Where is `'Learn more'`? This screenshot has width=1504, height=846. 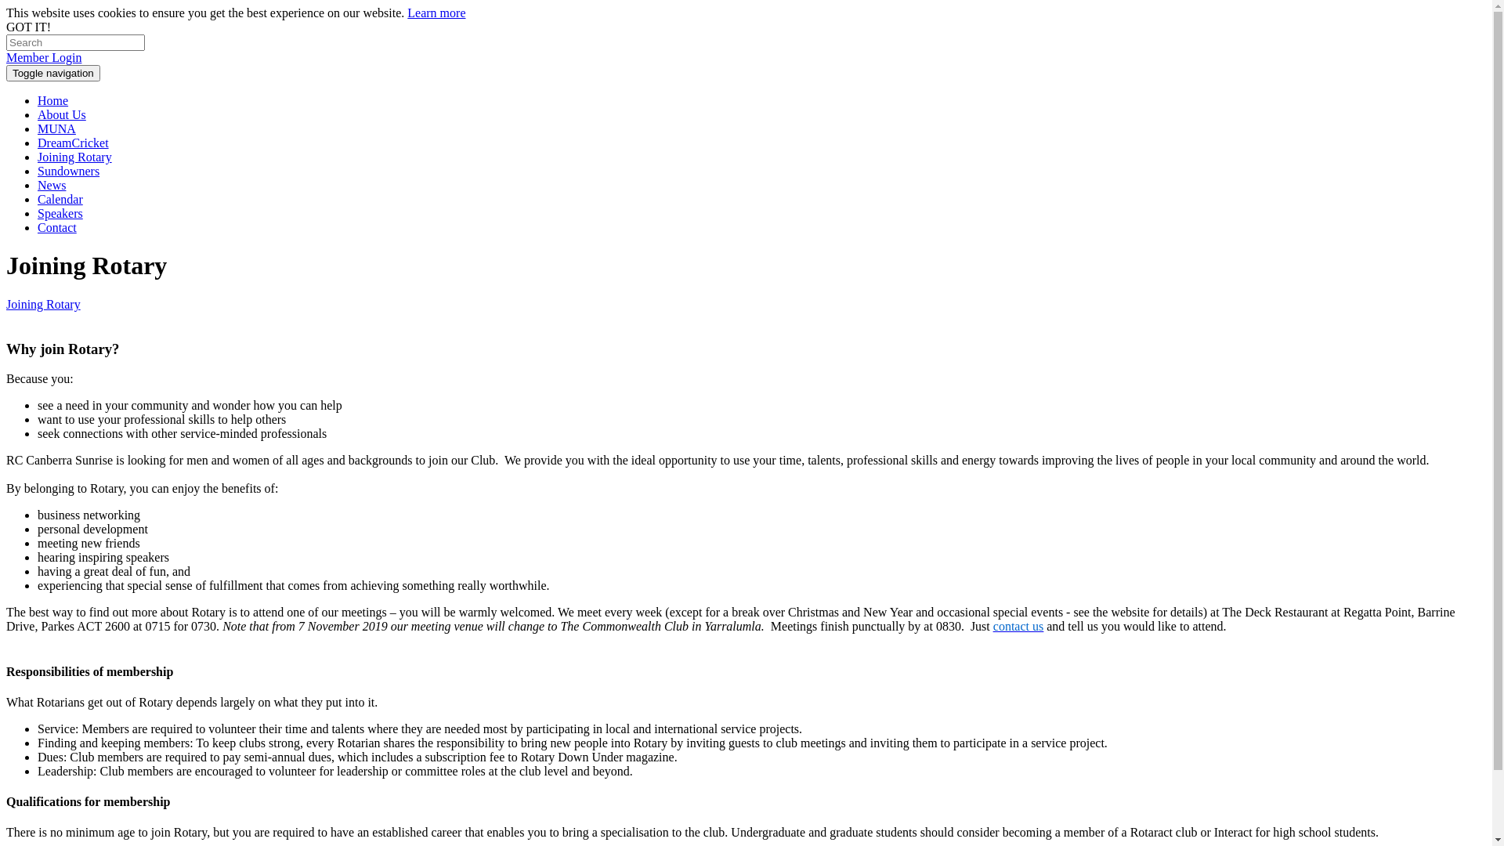
'Learn more' is located at coordinates (436, 13).